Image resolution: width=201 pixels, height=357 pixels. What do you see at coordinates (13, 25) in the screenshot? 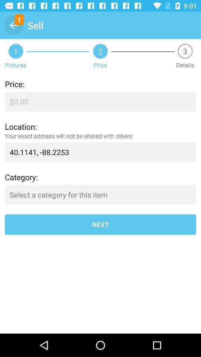
I see `item next to the sell item` at bounding box center [13, 25].